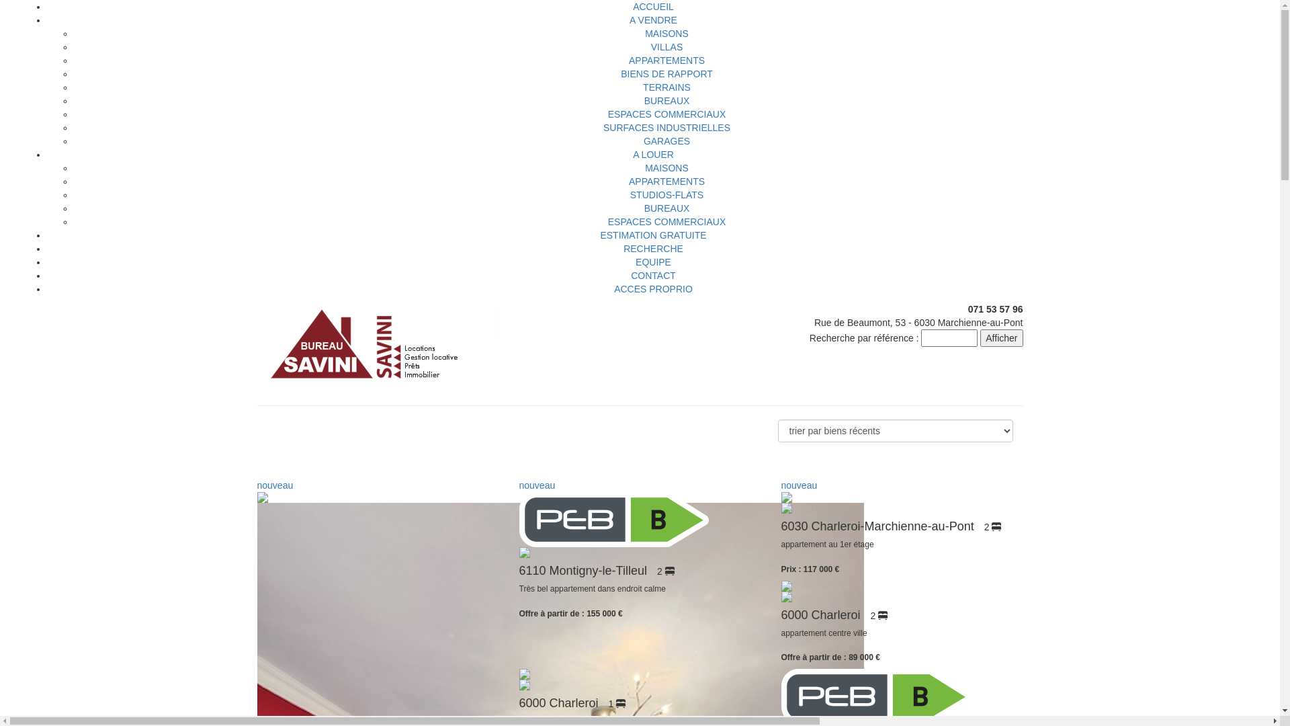 The width and height of the screenshot is (1290, 726). I want to click on 'A VENDRE', so click(628, 20).